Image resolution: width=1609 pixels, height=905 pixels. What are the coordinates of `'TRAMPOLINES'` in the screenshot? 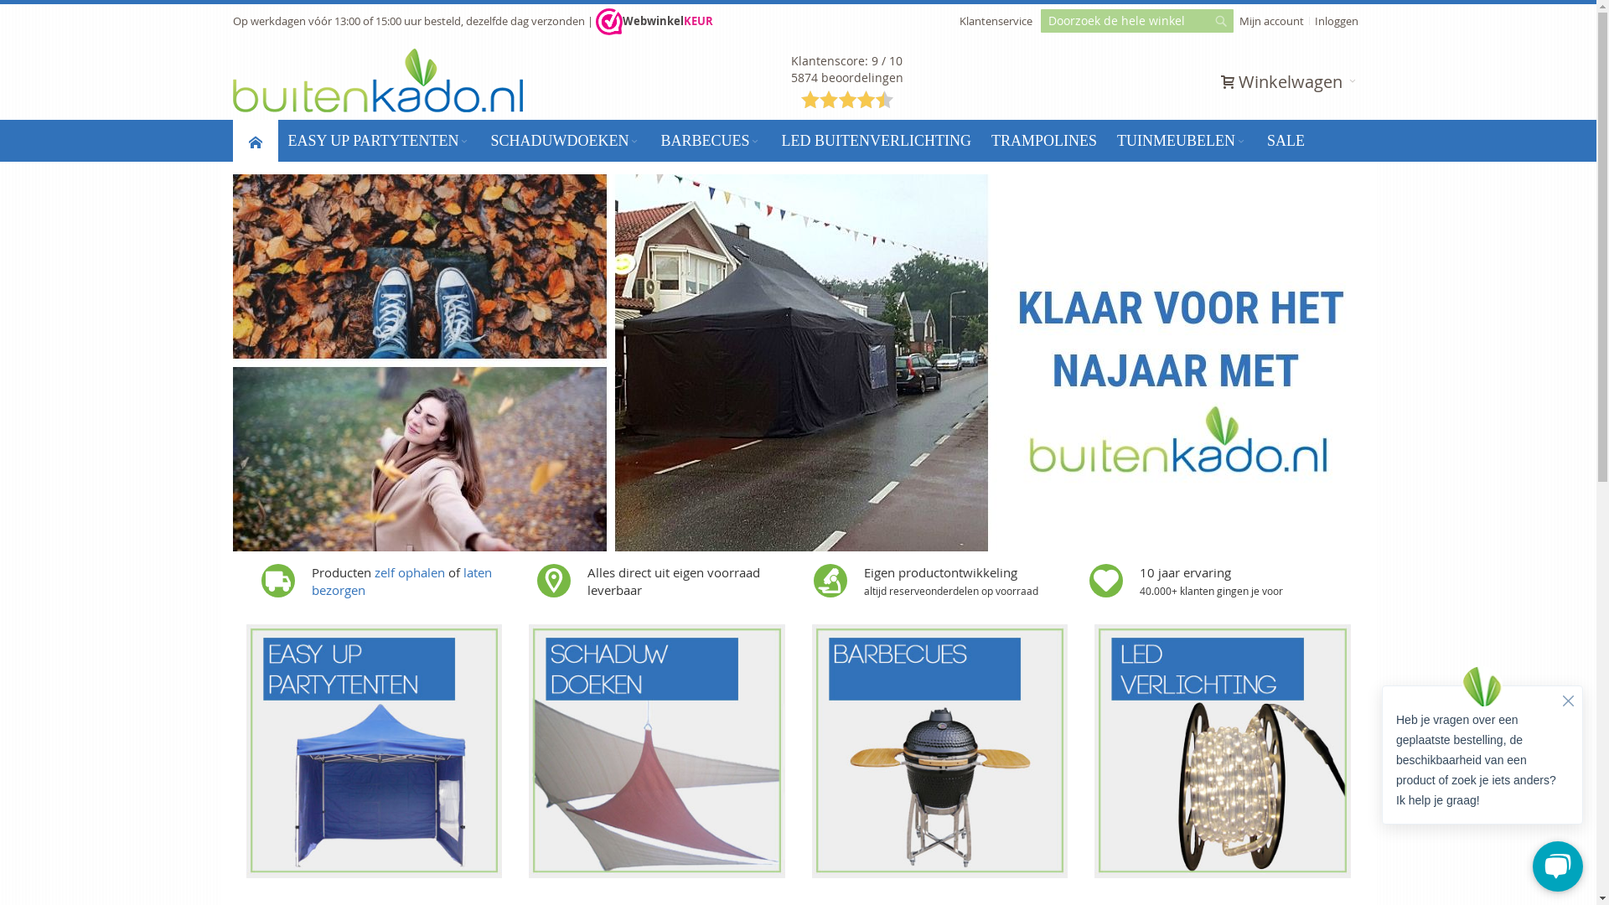 It's located at (1043, 140).